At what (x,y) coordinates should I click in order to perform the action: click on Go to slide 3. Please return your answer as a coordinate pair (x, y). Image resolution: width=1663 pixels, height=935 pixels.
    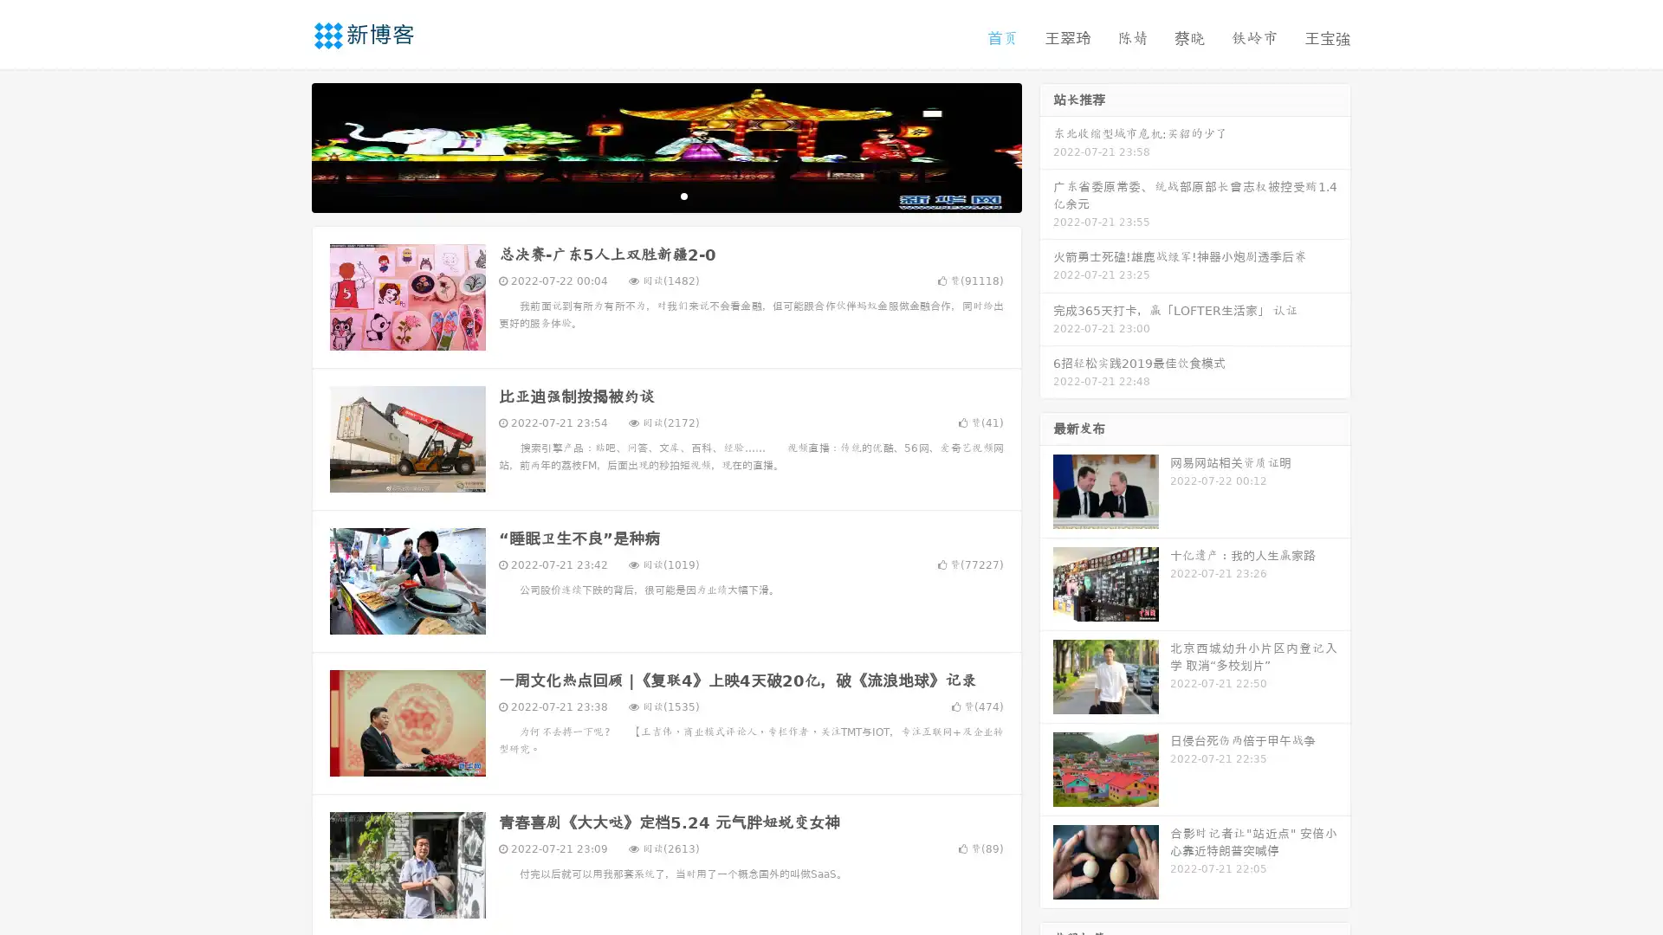
    Looking at the image, I should click on (683, 195).